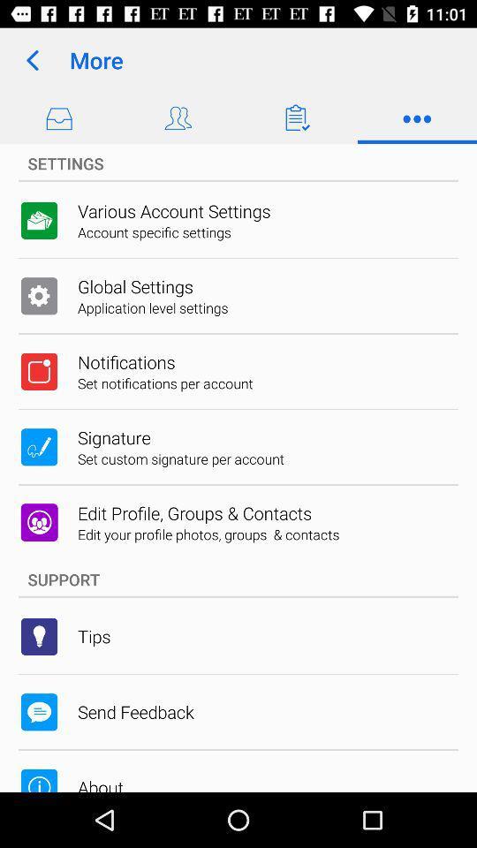 The image size is (477, 848). Describe the element at coordinates (153, 307) in the screenshot. I see `application level settings` at that location.